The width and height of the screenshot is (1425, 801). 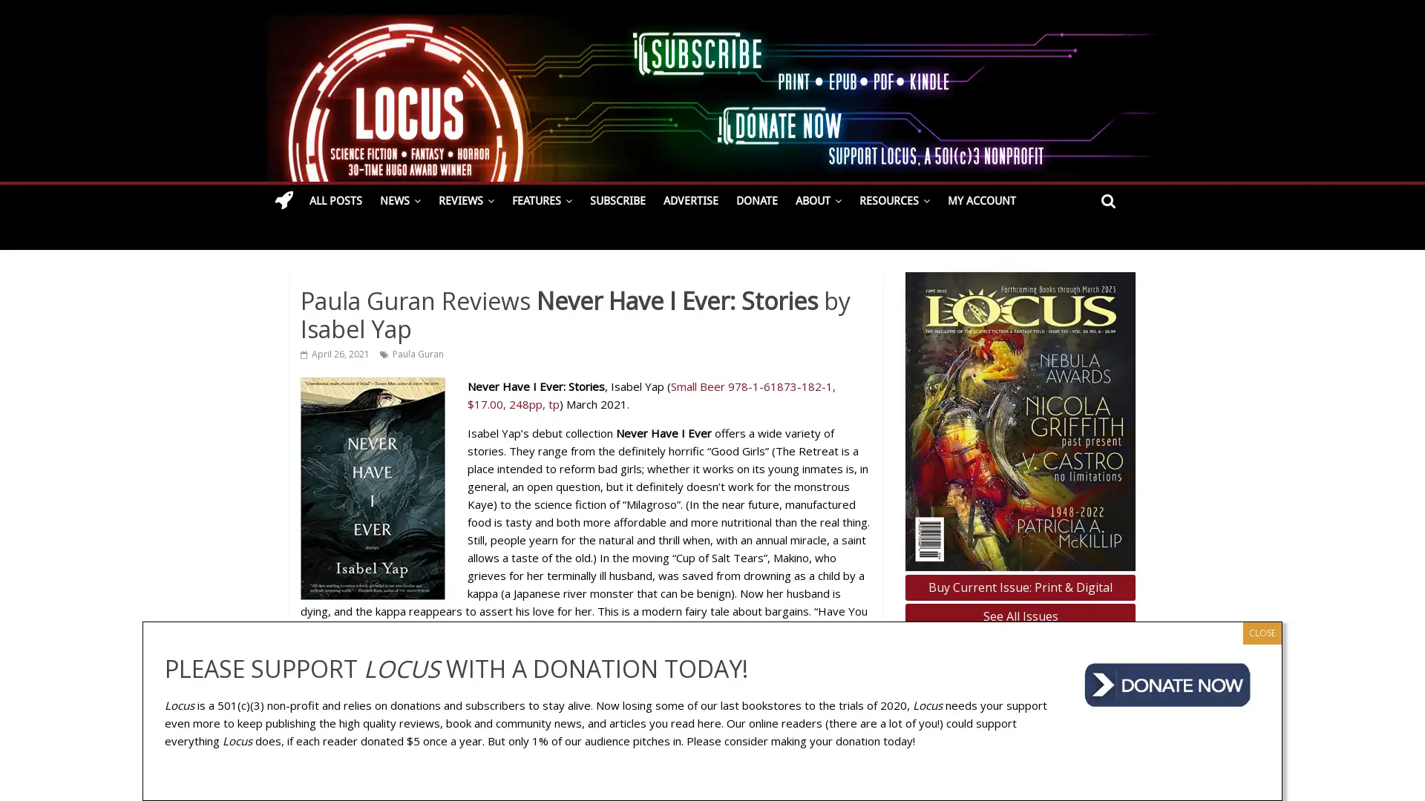 What do you see at coordinates (1019, 586) in the screenshot?
I see `Buy Current Issue: Print & Digital` at bounding box center [1019, 586].